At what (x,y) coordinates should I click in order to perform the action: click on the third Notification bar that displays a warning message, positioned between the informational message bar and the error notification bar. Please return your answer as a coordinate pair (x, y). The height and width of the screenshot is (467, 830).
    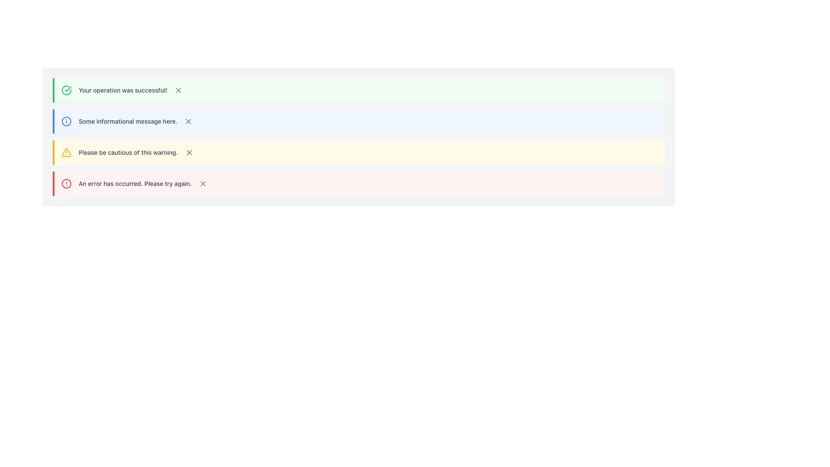
    Looking at the image, I should click on (359, 152).